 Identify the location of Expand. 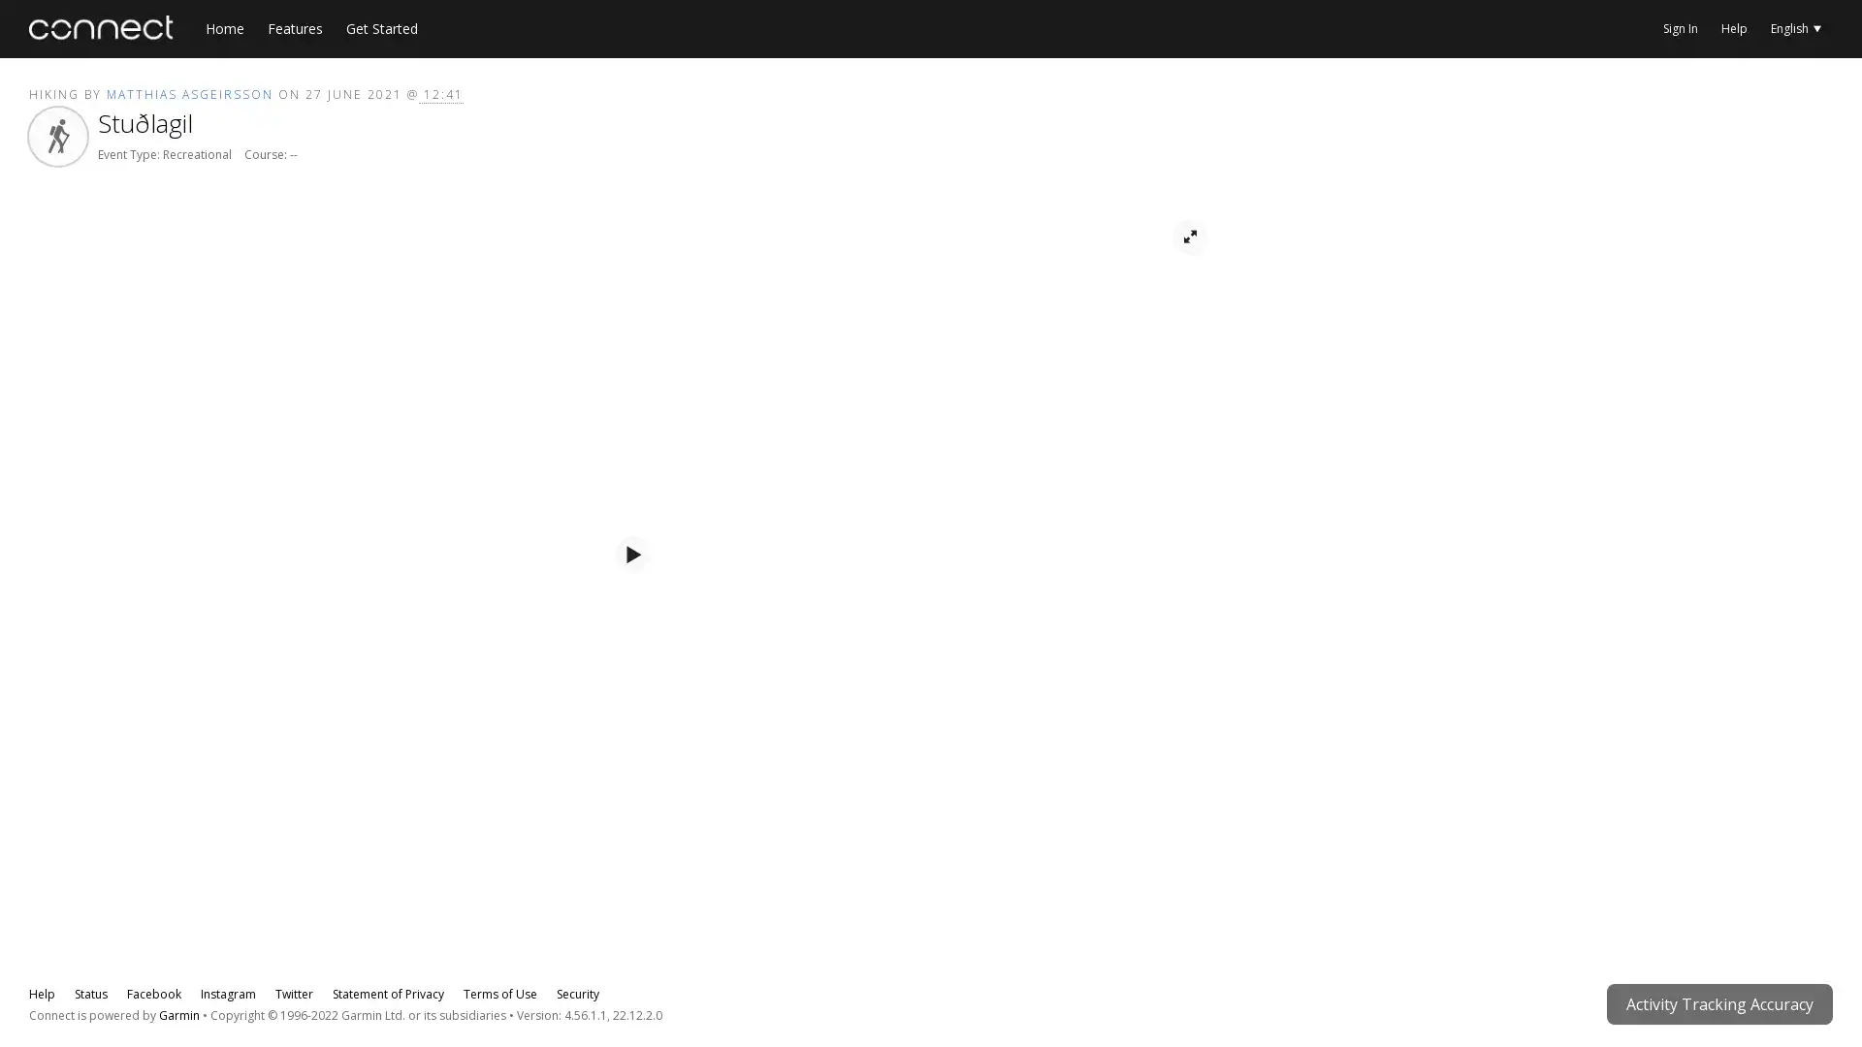
(1200, 913).